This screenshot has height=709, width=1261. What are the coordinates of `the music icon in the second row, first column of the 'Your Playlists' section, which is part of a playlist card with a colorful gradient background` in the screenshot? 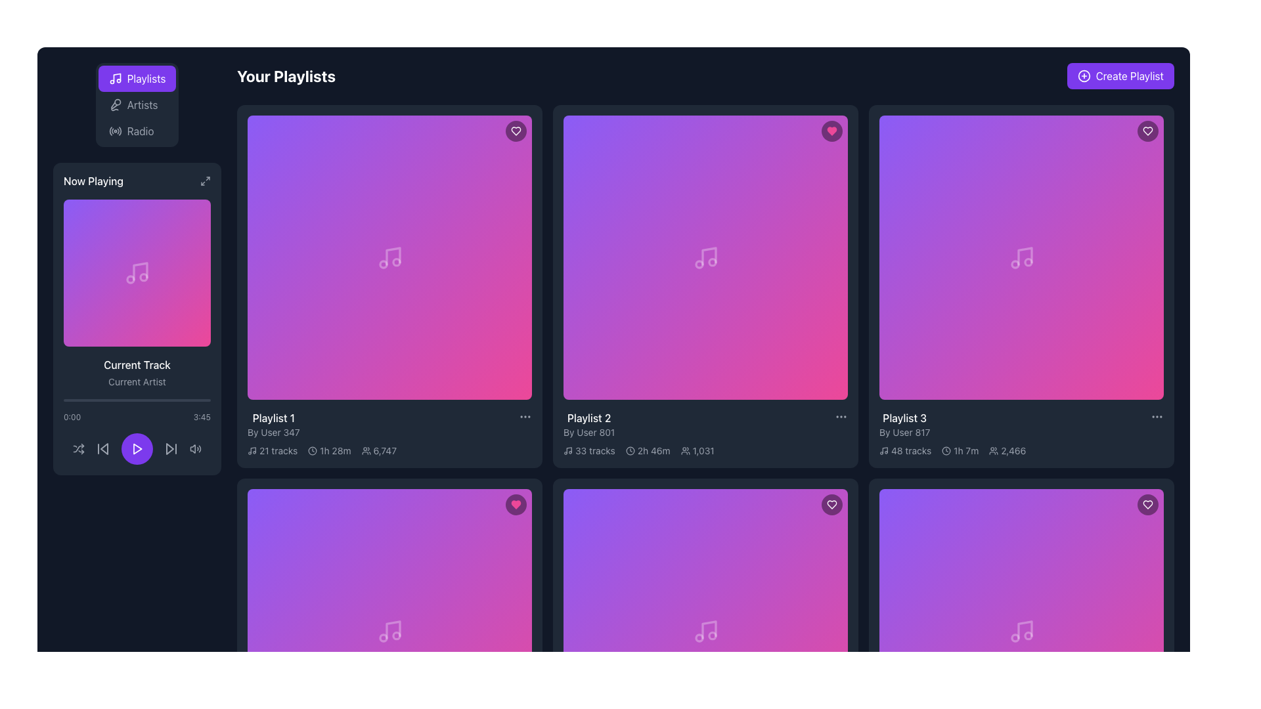 It's located at (705, 630).